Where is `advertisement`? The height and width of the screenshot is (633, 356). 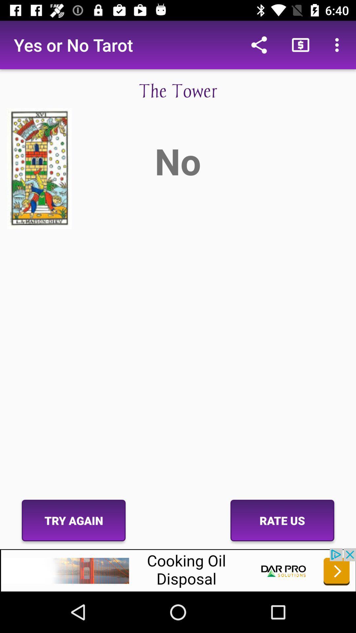 advertisement is located at coordinates (178, 569).